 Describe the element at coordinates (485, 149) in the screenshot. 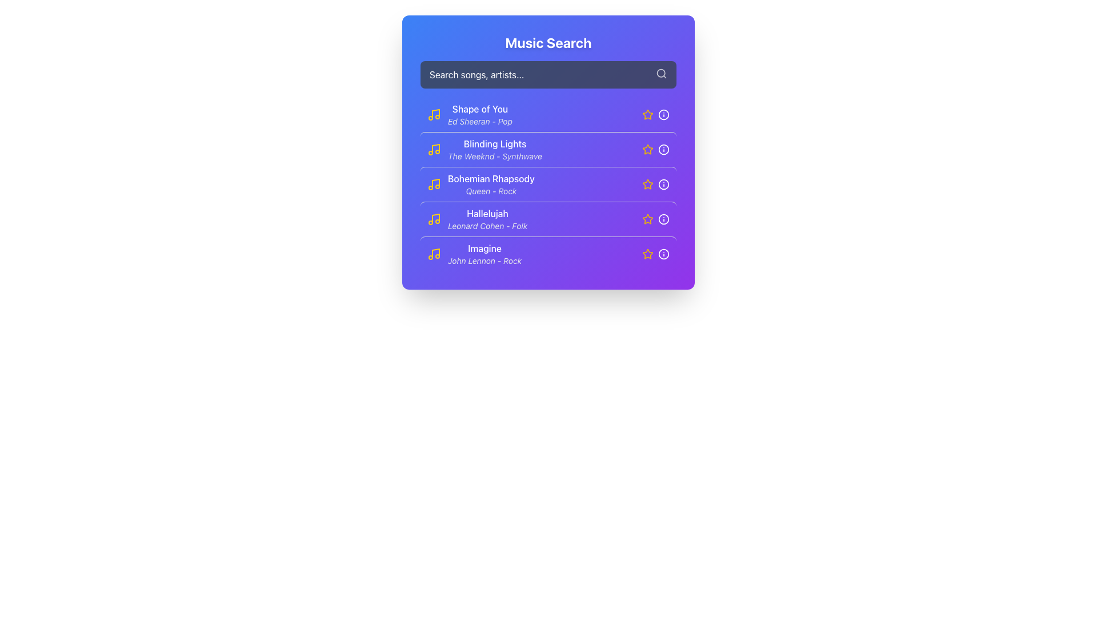

I see `to select the track titled 'Blinding Lights' by The Weeknd for a detailed view` at that location.